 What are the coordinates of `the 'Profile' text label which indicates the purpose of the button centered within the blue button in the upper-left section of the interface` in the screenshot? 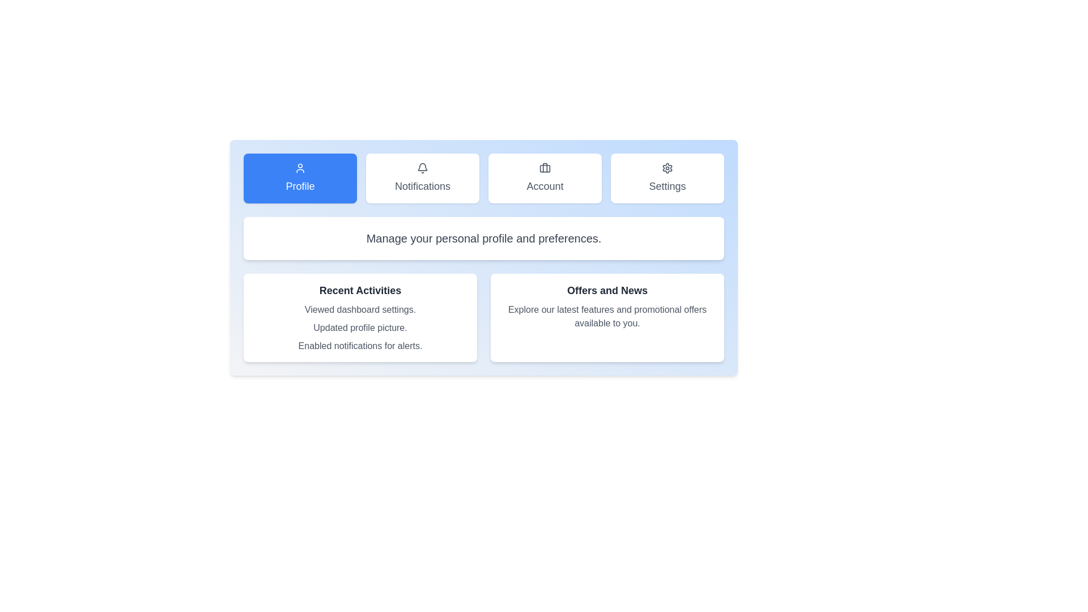 It's located at (300, 185).